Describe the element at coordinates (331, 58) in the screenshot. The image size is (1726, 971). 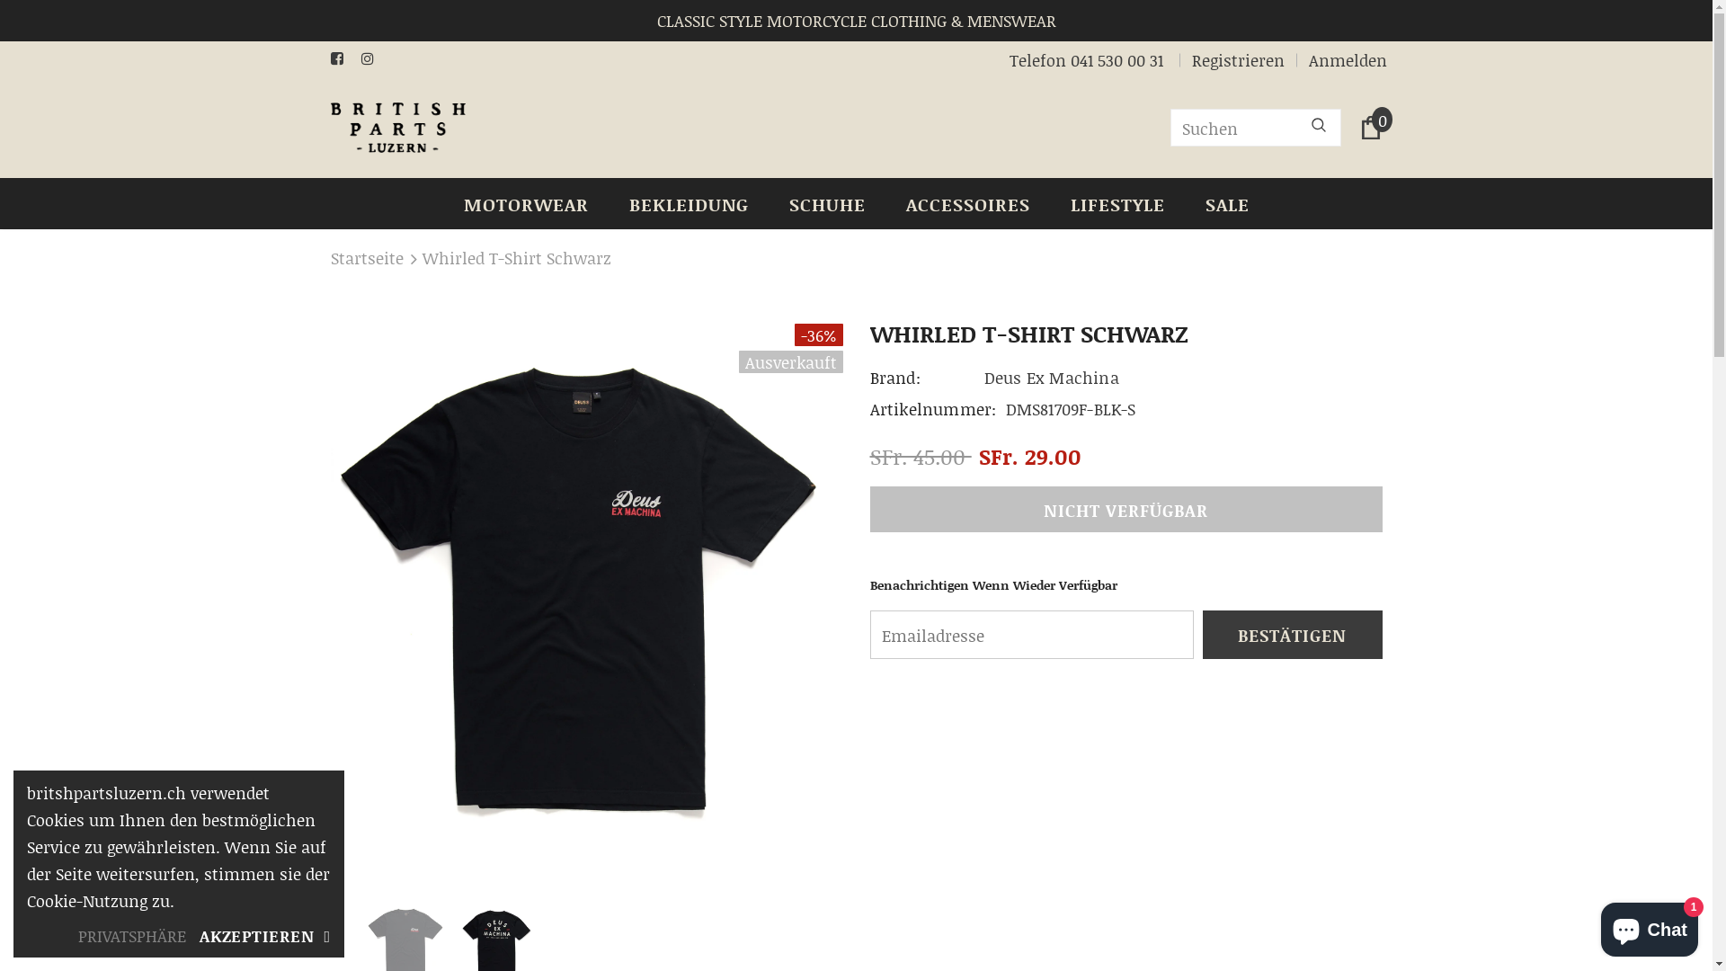
I see `'Facebook'` at that location.